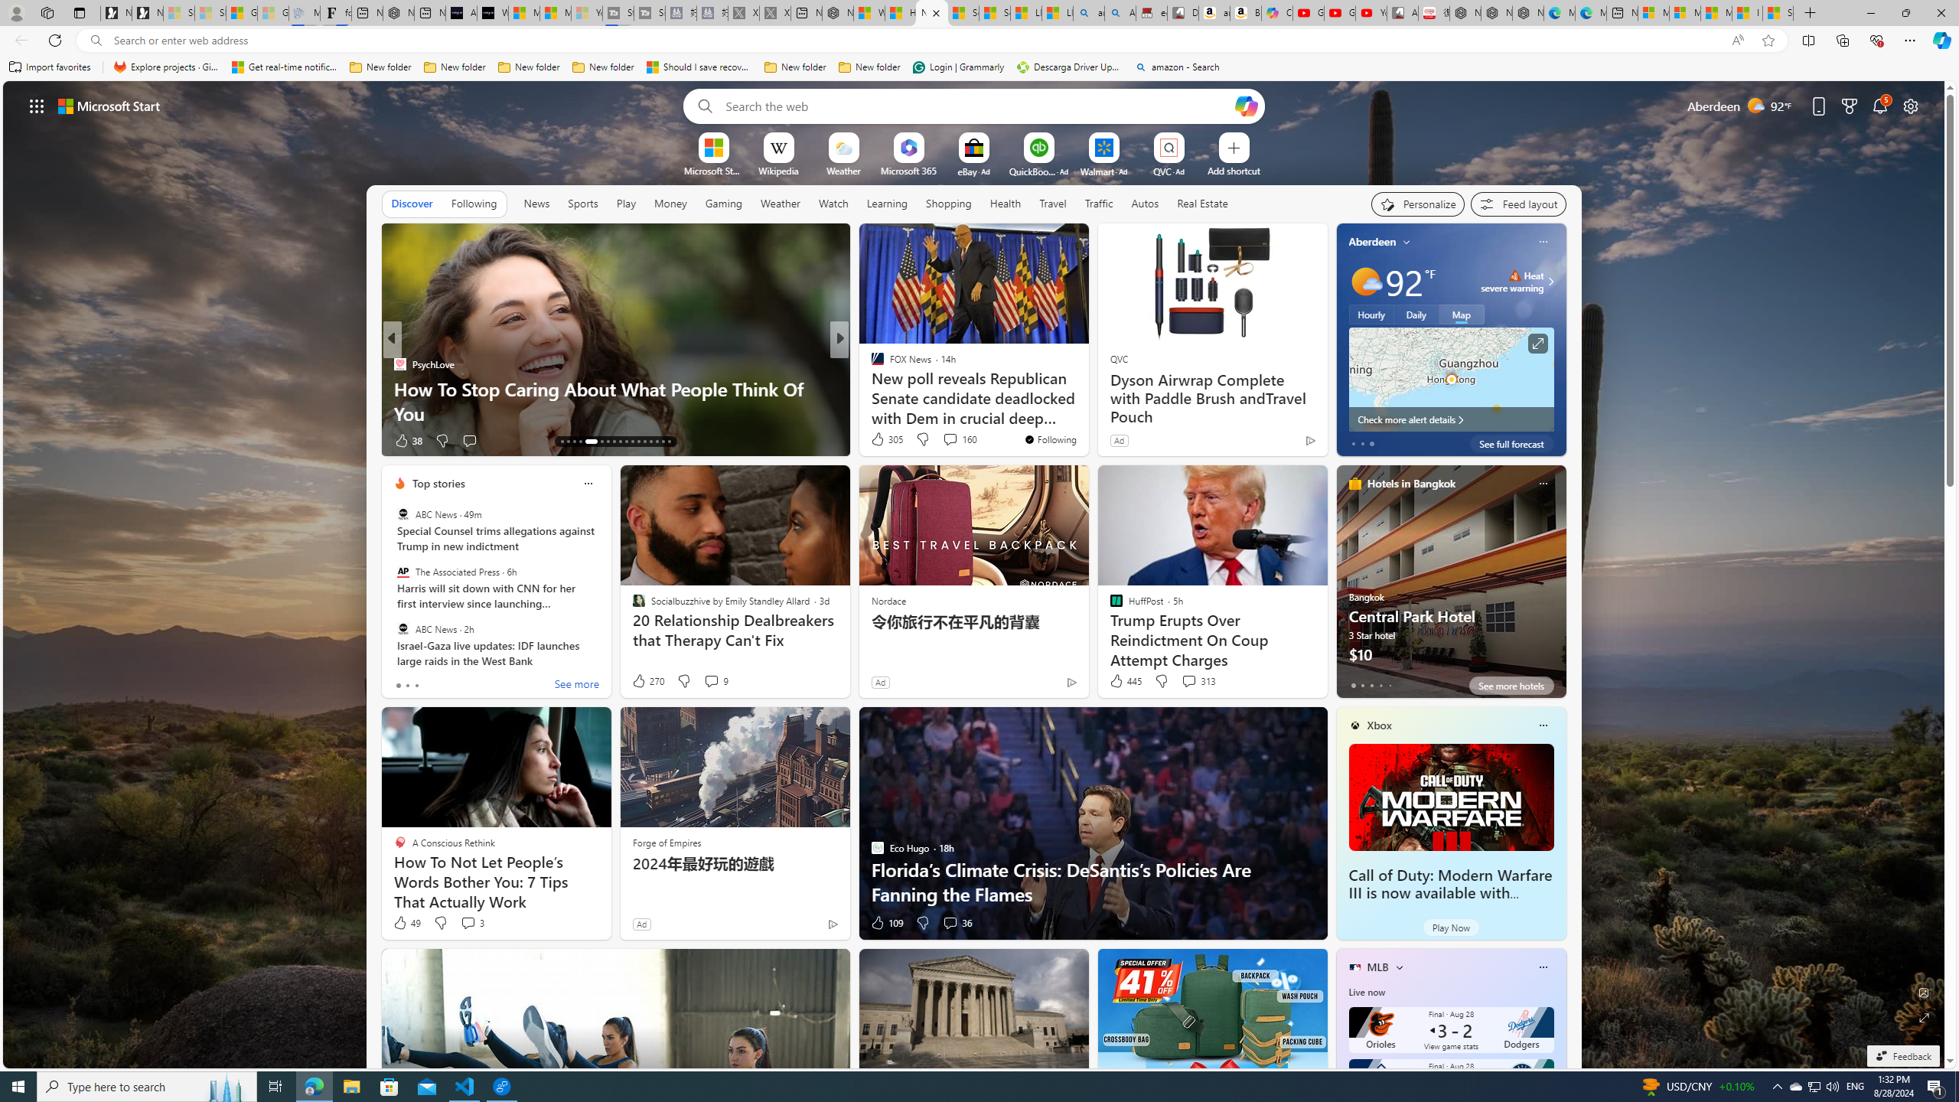  Describe the element at coordinates (1512, 281) in the screenshot. I see `'Heat - Severe Heat severe warning'` at that location.